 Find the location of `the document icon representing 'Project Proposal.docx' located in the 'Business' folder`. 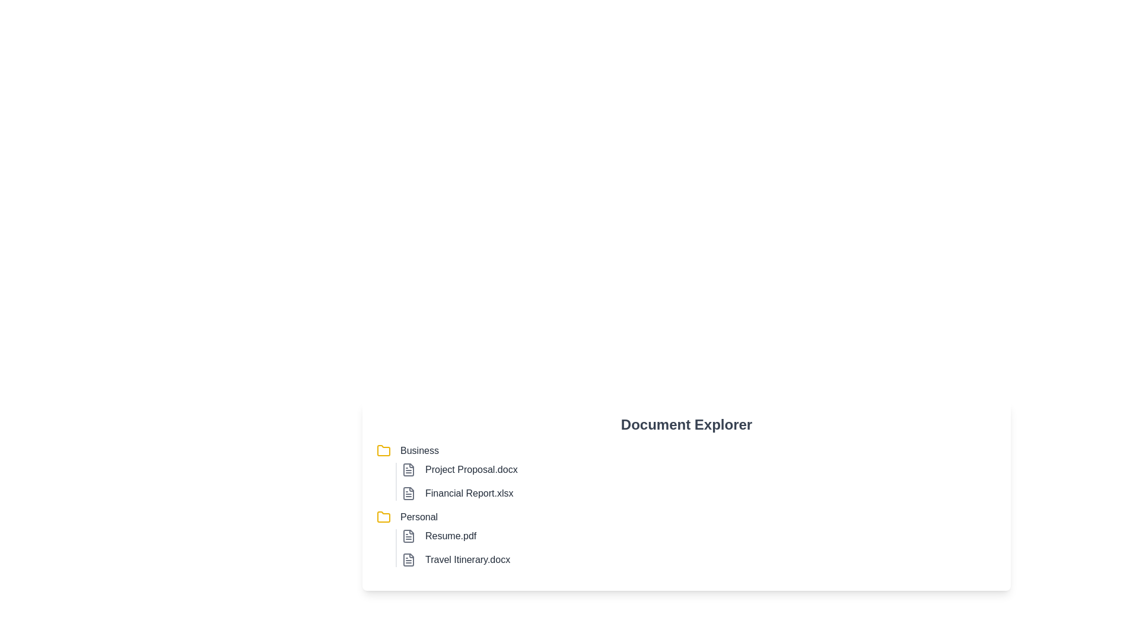

the document icon representing 'Project Proposal.docx' located in the 'Business' folder is located at coordinates (409, 469).